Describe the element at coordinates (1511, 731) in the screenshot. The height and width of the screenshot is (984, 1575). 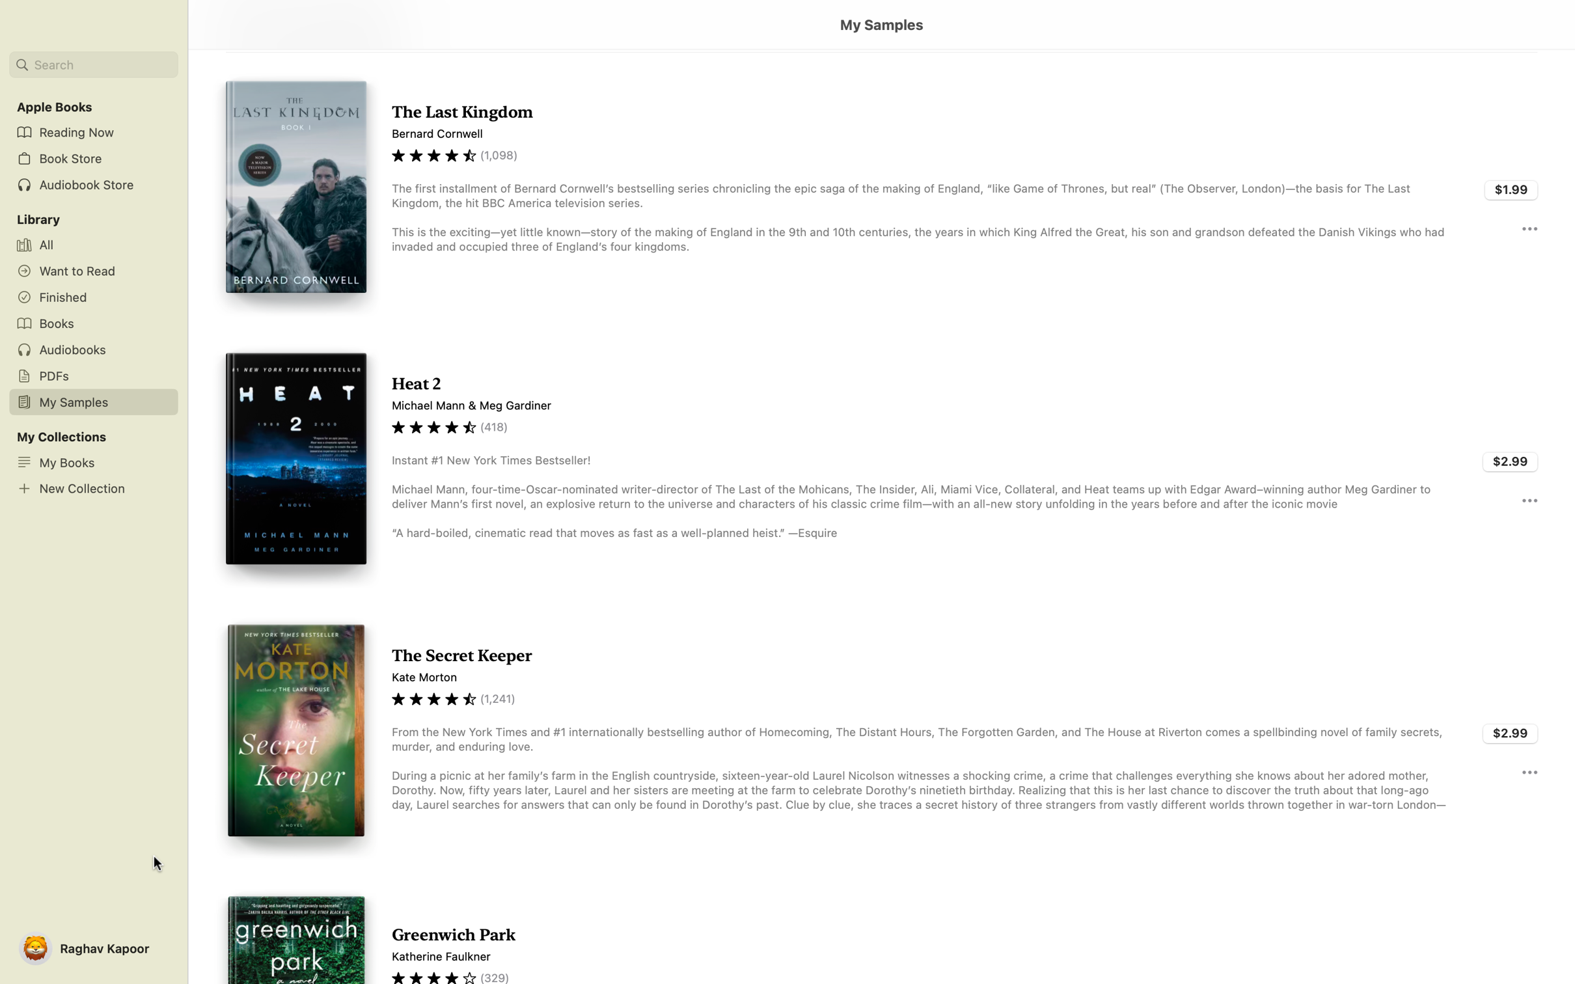
I see `Obtain entire version of book titled "Secret Keeper` at that location.